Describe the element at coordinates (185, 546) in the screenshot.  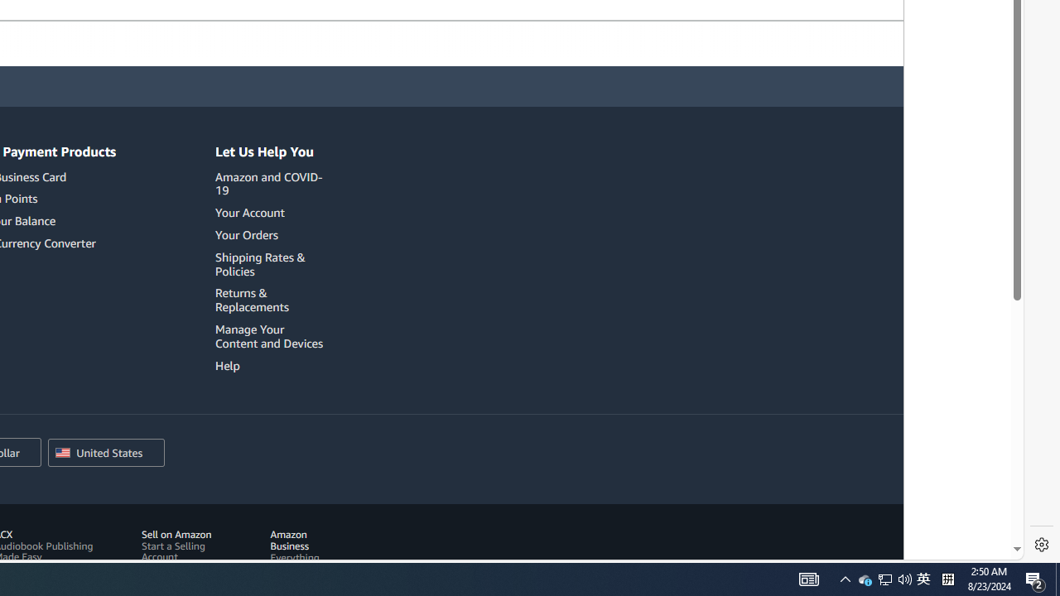
I see `'Sell on Amazon Start a Selling Account'` at that location.